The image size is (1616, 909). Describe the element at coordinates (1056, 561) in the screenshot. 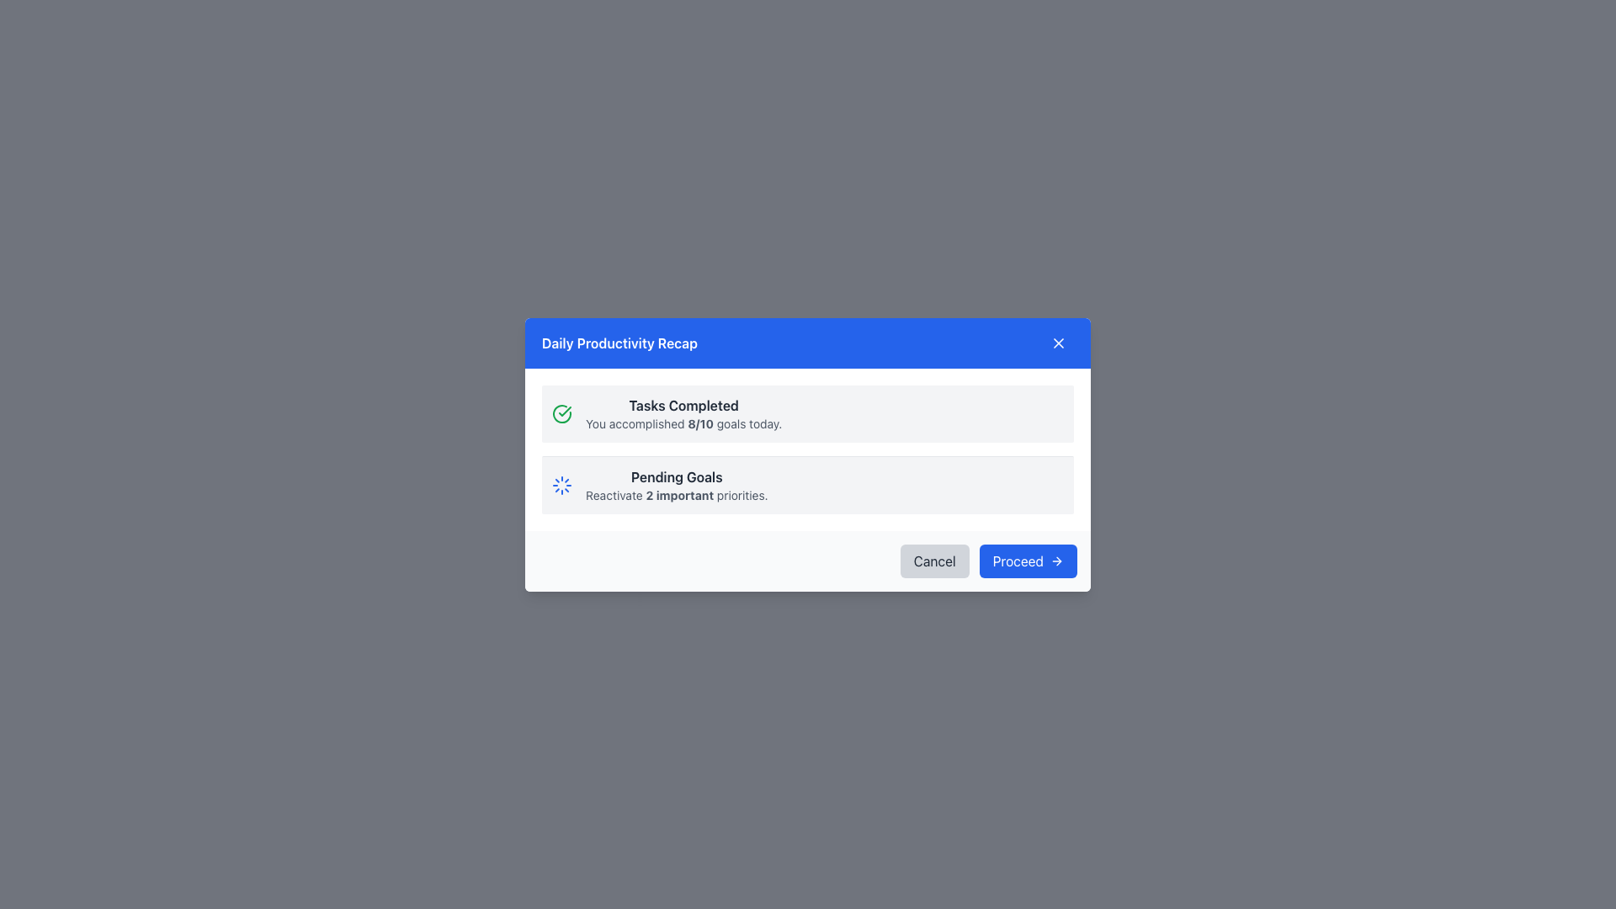

I see `the rightward pointing arrow icon within the 'Proceed' button in the modal dialog box` at that location.